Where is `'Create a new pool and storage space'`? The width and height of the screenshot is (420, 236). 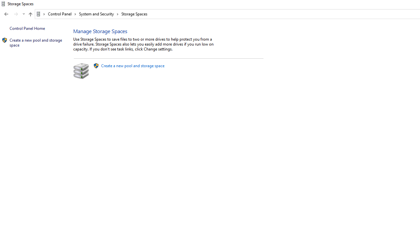
'Create a new pool and storage space' is located at coordinates (132, 66).